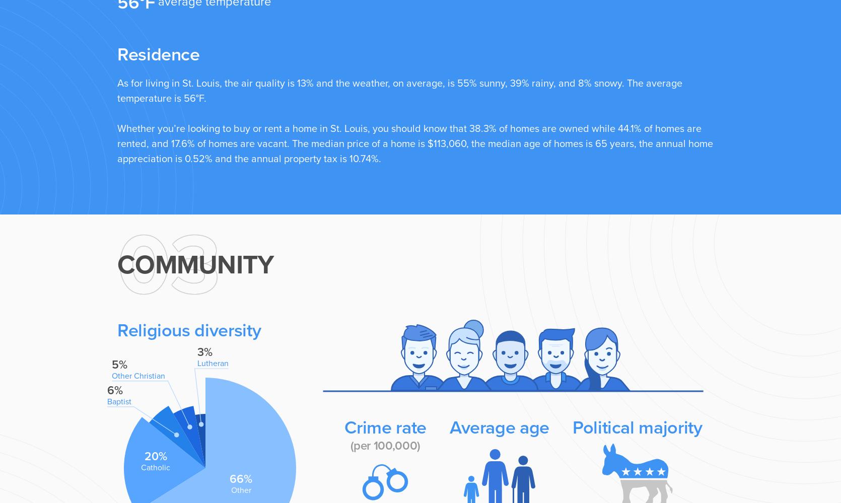 The width and height of the screenshot is (841, 503). What do you see at coordinates (240, 489) in the screenshot?
I see `'Other'` at bounding box center [240, 489].